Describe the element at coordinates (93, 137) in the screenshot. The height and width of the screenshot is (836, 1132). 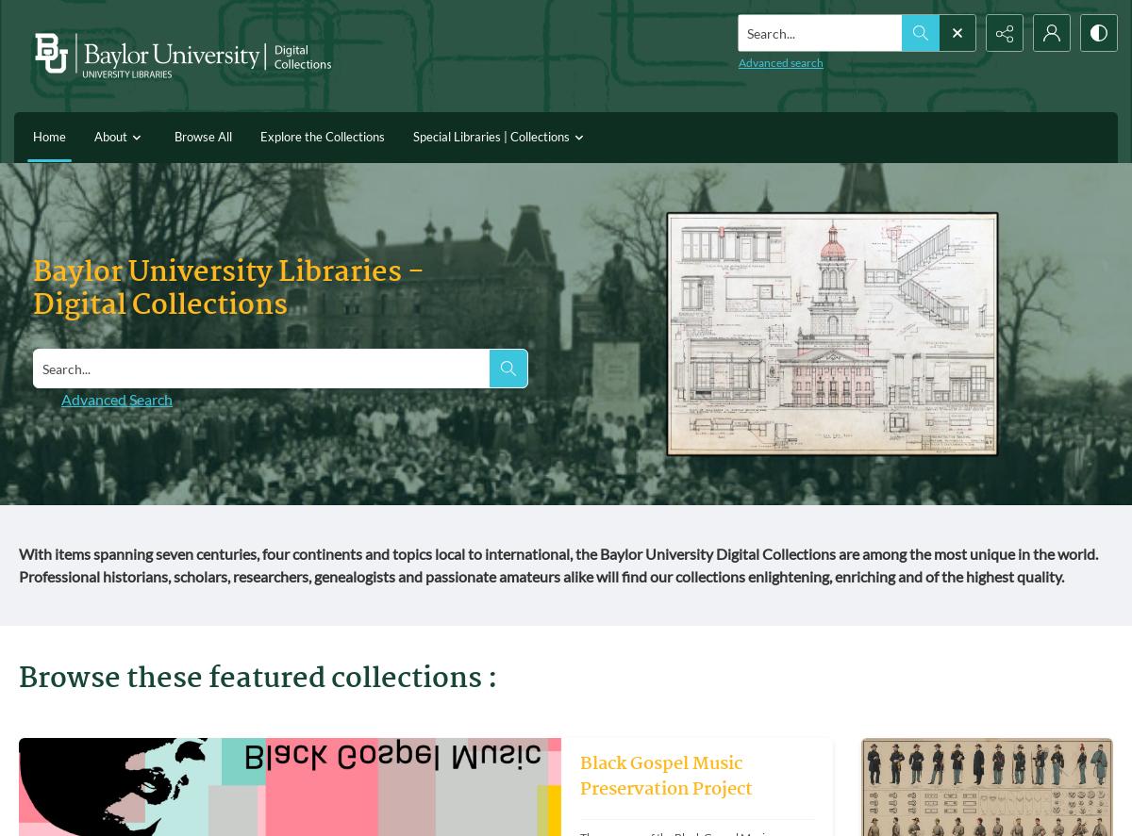
I see `'About'` at that location.